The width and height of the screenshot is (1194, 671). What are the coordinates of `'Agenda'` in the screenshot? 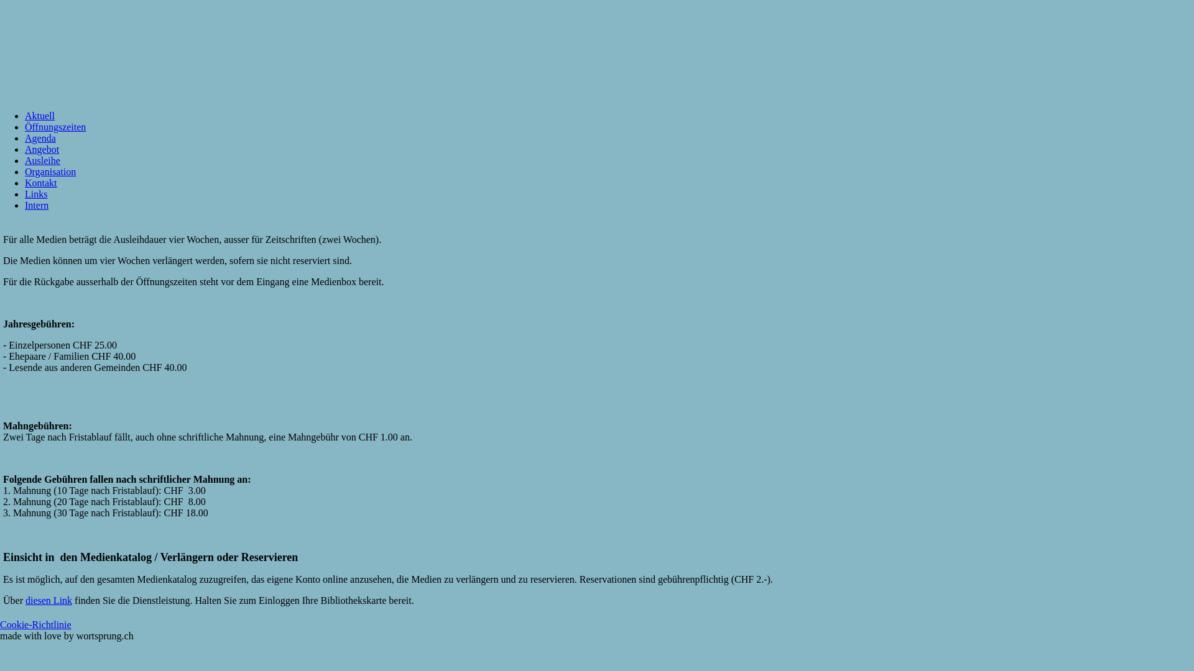 It's located at (24, 138).